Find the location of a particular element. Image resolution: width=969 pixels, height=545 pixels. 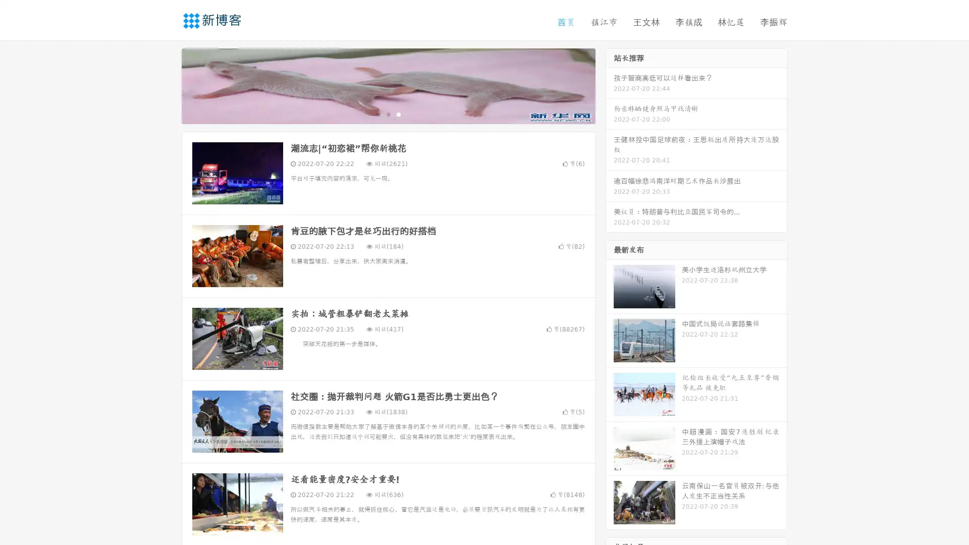

Go to slide 3 is located at coordinates (398, 114).